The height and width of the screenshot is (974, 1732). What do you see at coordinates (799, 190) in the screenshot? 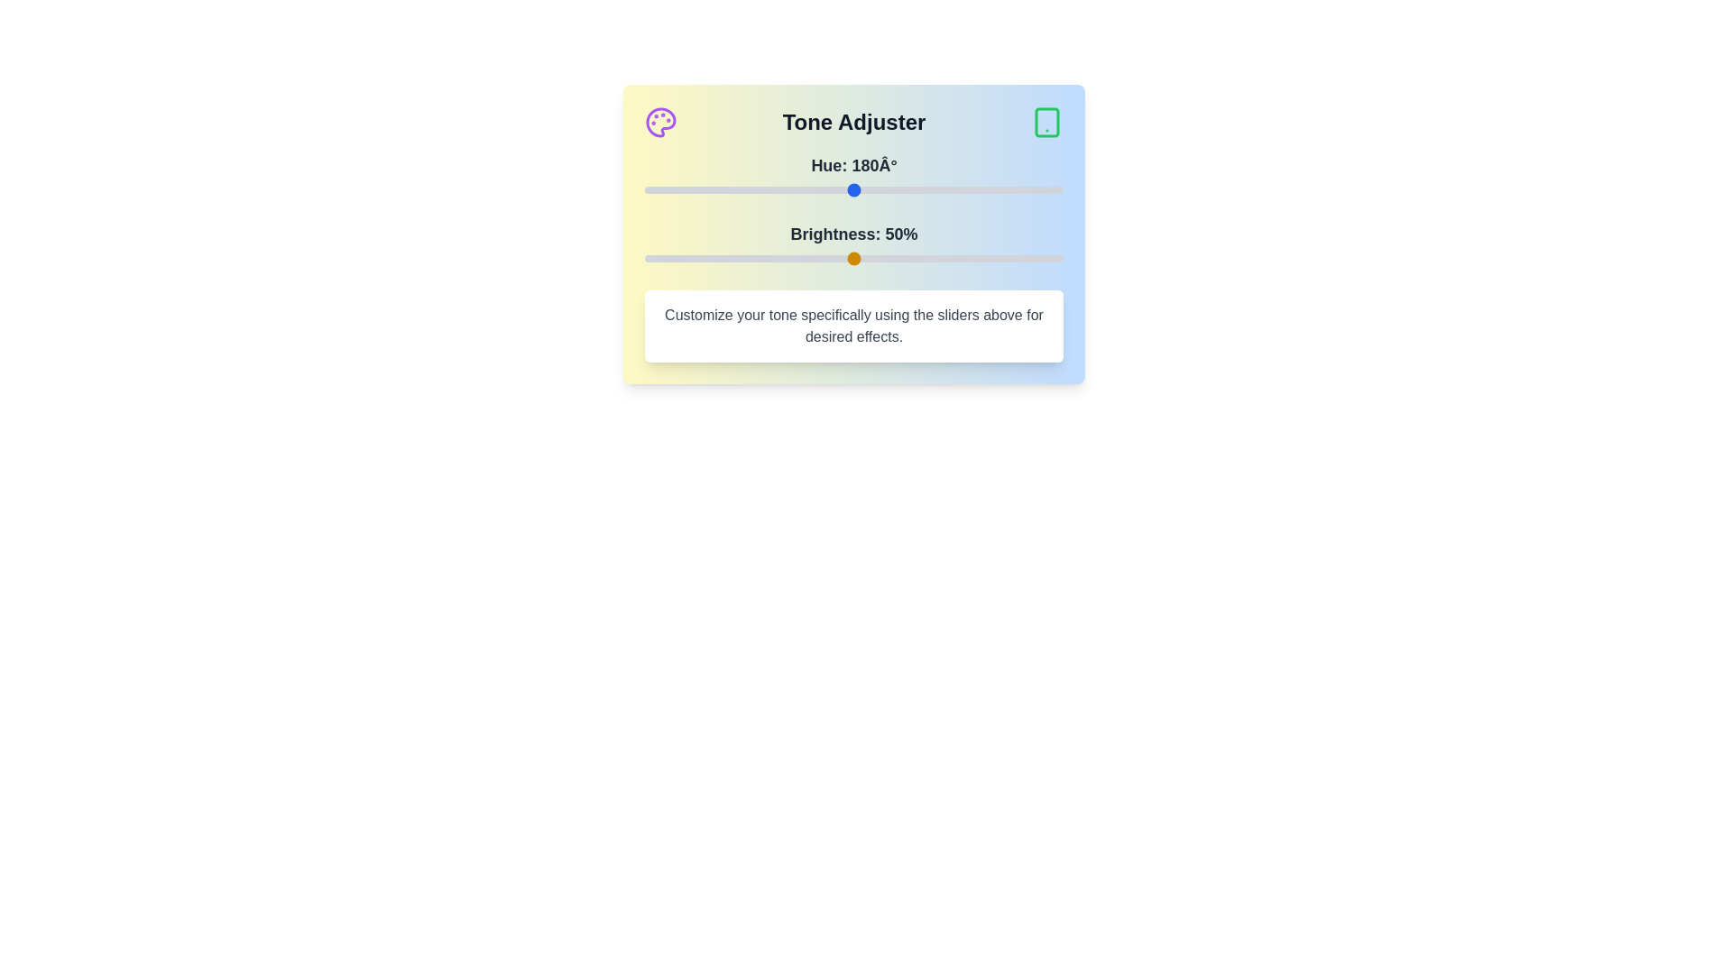
I see `the hue slider to set the hue to 134 degrees` at bounding box center [799, 190].